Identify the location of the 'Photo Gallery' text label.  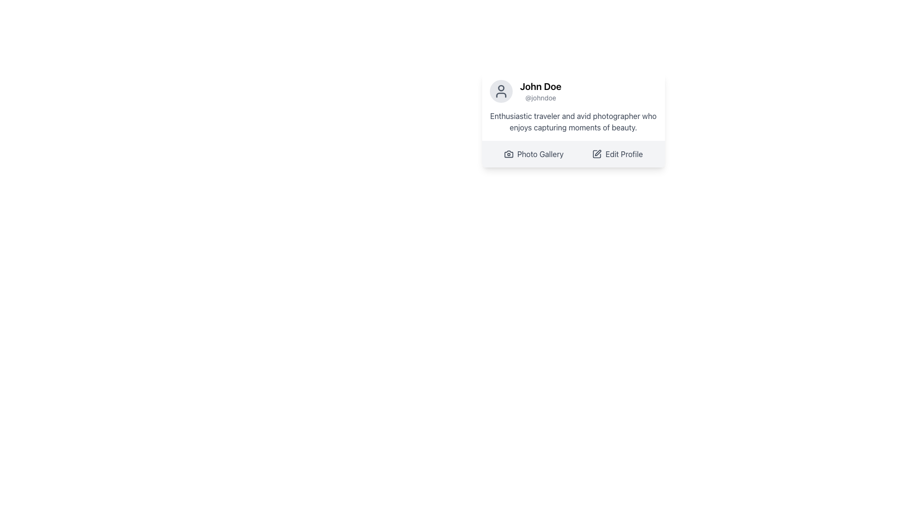
(540, 154).